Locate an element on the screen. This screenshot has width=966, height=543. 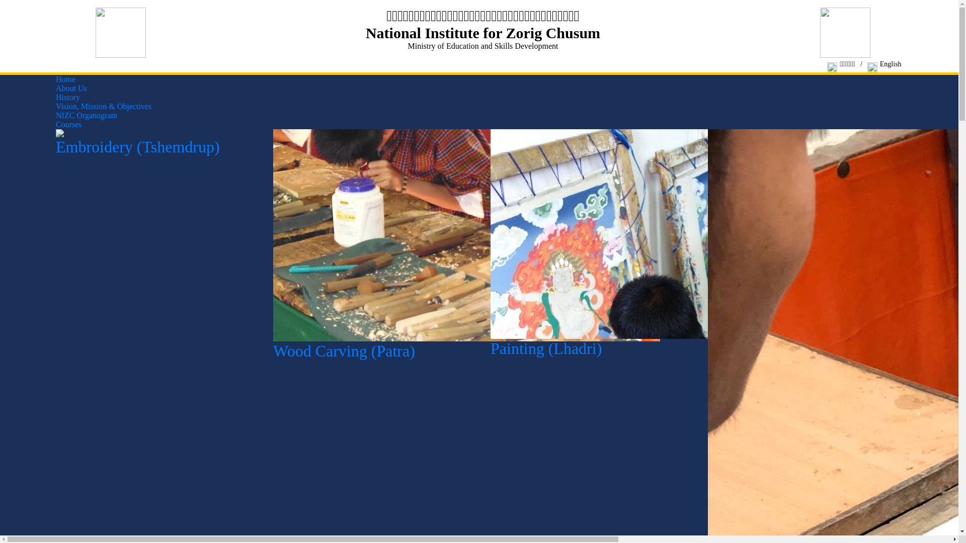
'Home' is located at coordinates (55, 78).